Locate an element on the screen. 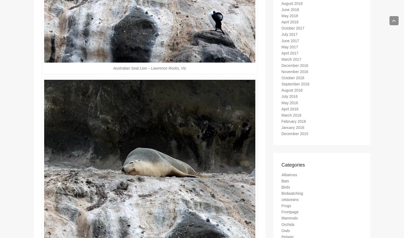 The width and height of the screenshot is (404, 238). 'Bats' is located at coordinates (285, 183).